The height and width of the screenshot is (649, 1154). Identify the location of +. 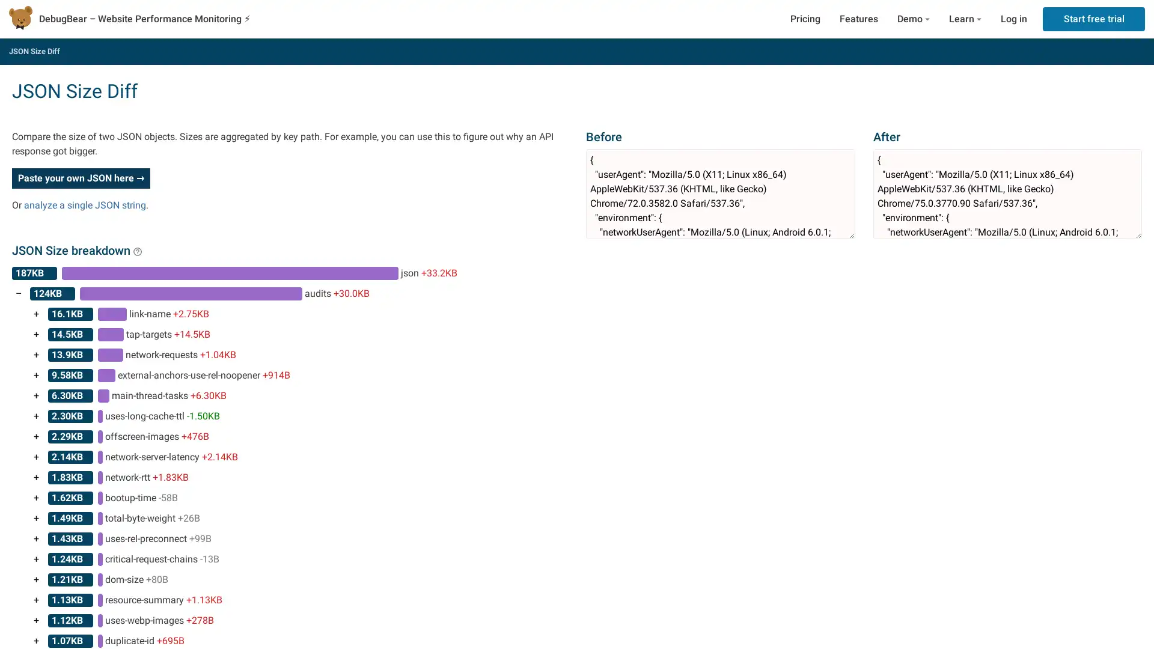
(36, 314).